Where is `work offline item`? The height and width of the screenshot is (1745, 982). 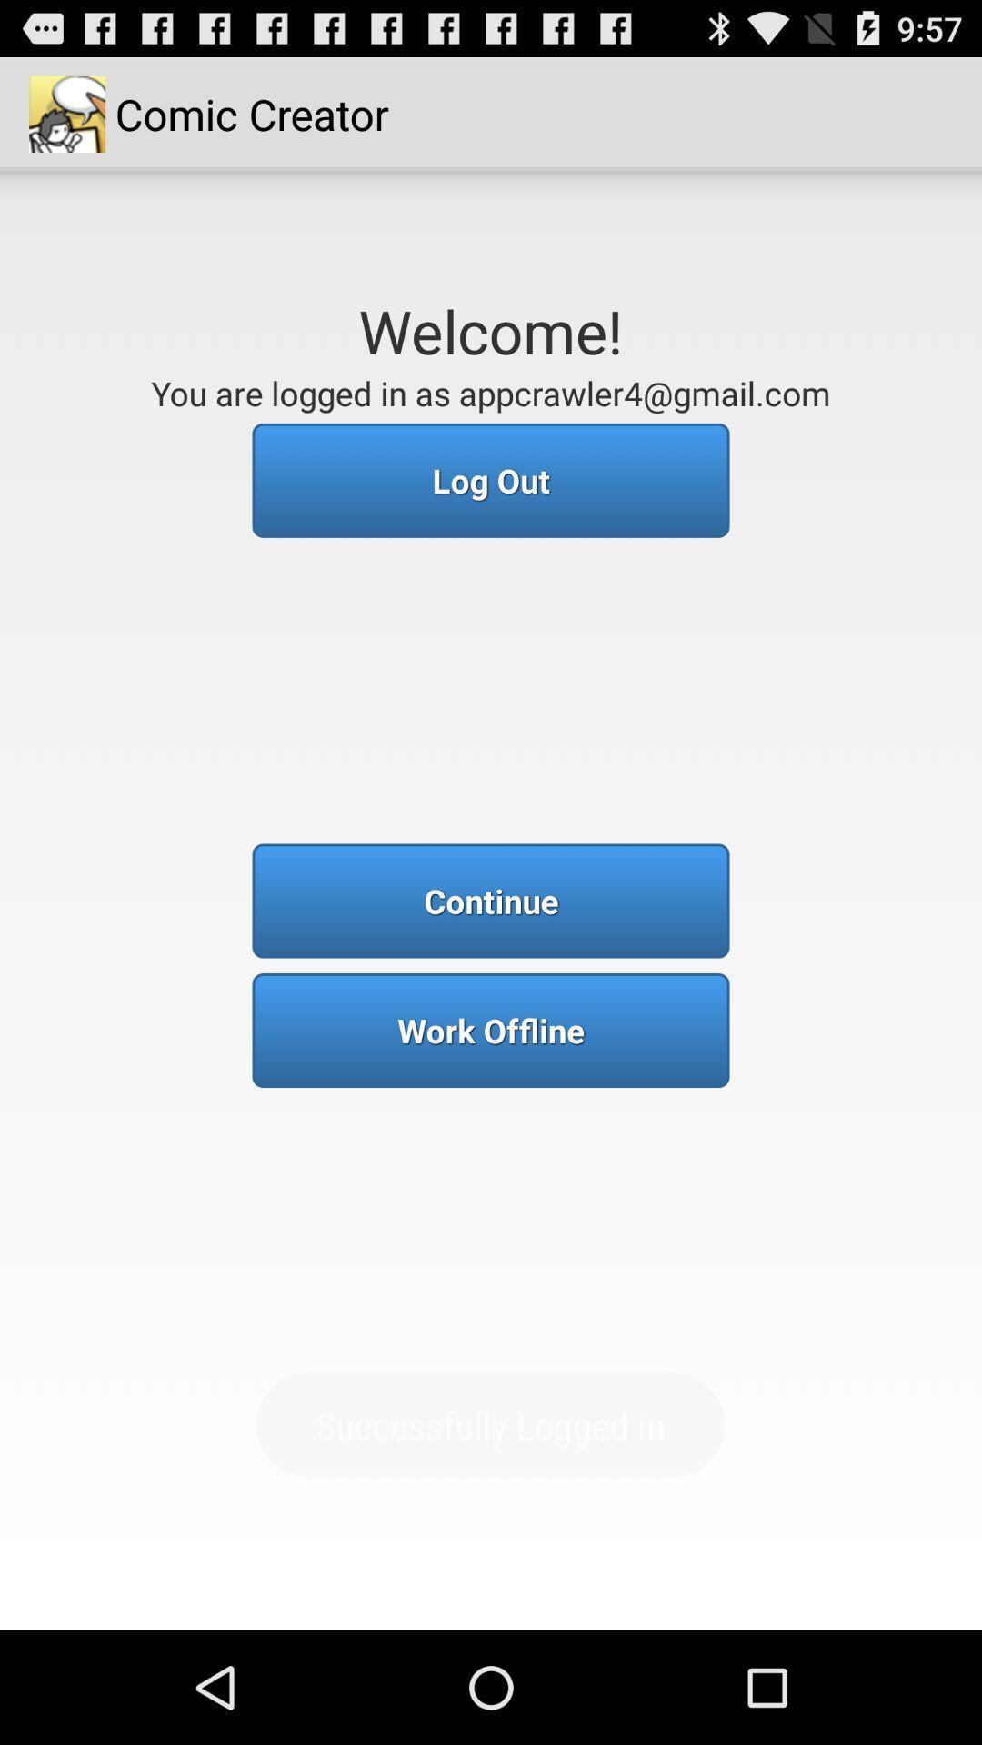 work offline item is located at coordinates (491, 1030).